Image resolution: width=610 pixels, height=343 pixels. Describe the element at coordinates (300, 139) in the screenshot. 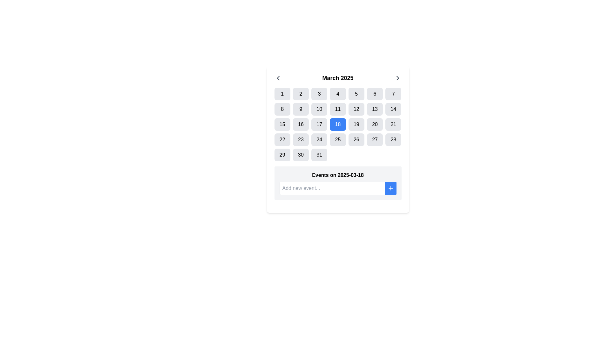

I see `the button labeled '23', which is a rounded rectangular button in a light gray background located in the fourth row, second column of a 7-column grid` at that location.